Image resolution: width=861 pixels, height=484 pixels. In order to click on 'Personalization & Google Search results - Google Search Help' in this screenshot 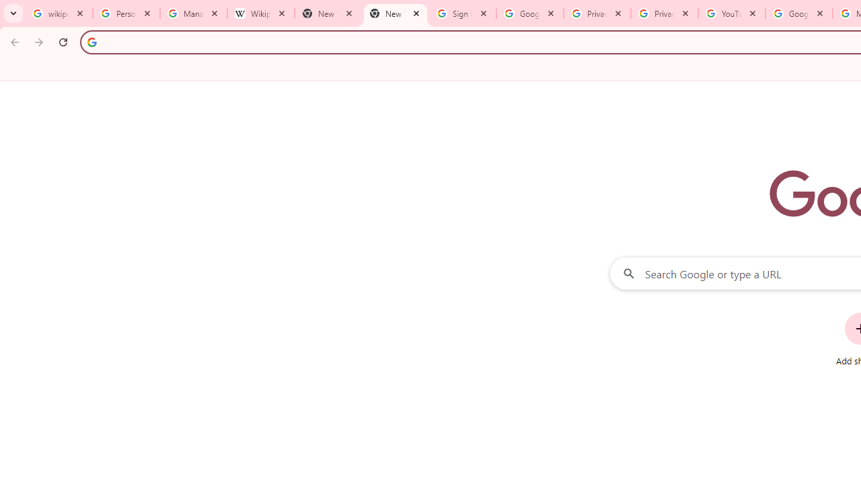, I will do `click(126, 13)`.